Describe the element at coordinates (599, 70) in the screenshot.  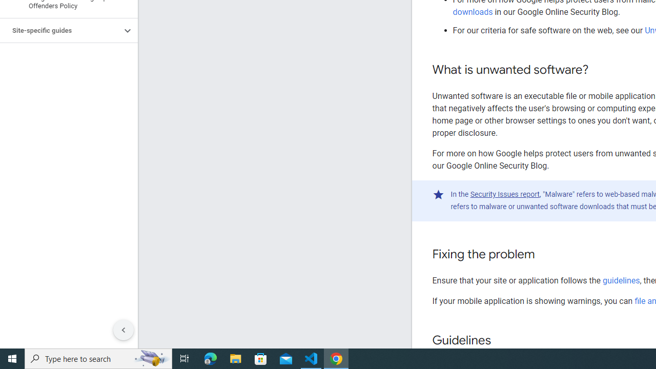
I see `'Copy link to this section: What is unwanted software?'` at that location.